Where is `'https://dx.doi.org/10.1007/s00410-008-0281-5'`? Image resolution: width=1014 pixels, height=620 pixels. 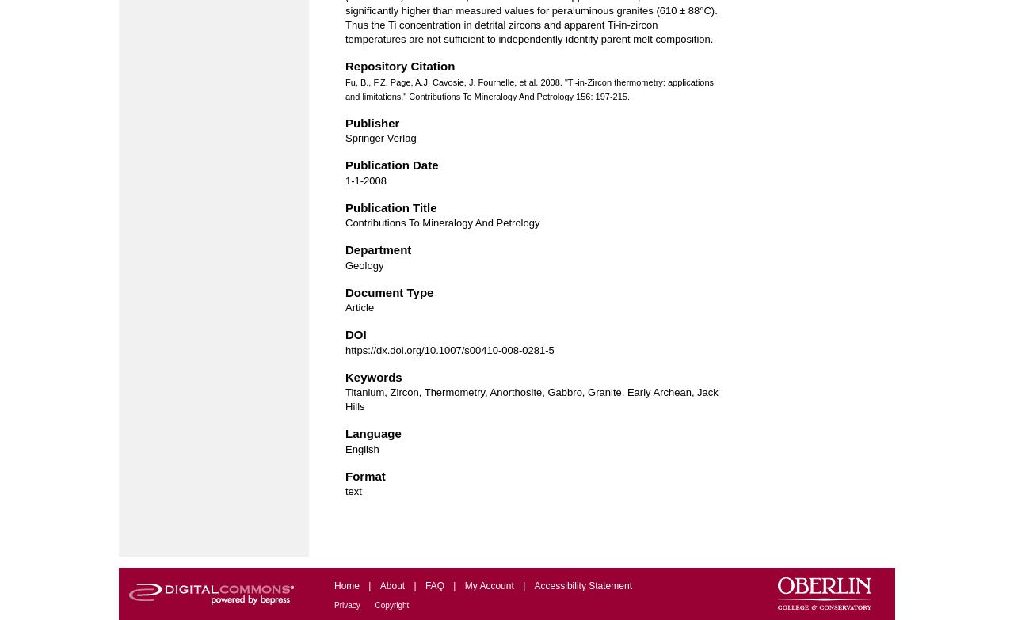 'https://dx.doi.org/10.1007/s00410-008-0281-5' is located at coordinates (344, 348).